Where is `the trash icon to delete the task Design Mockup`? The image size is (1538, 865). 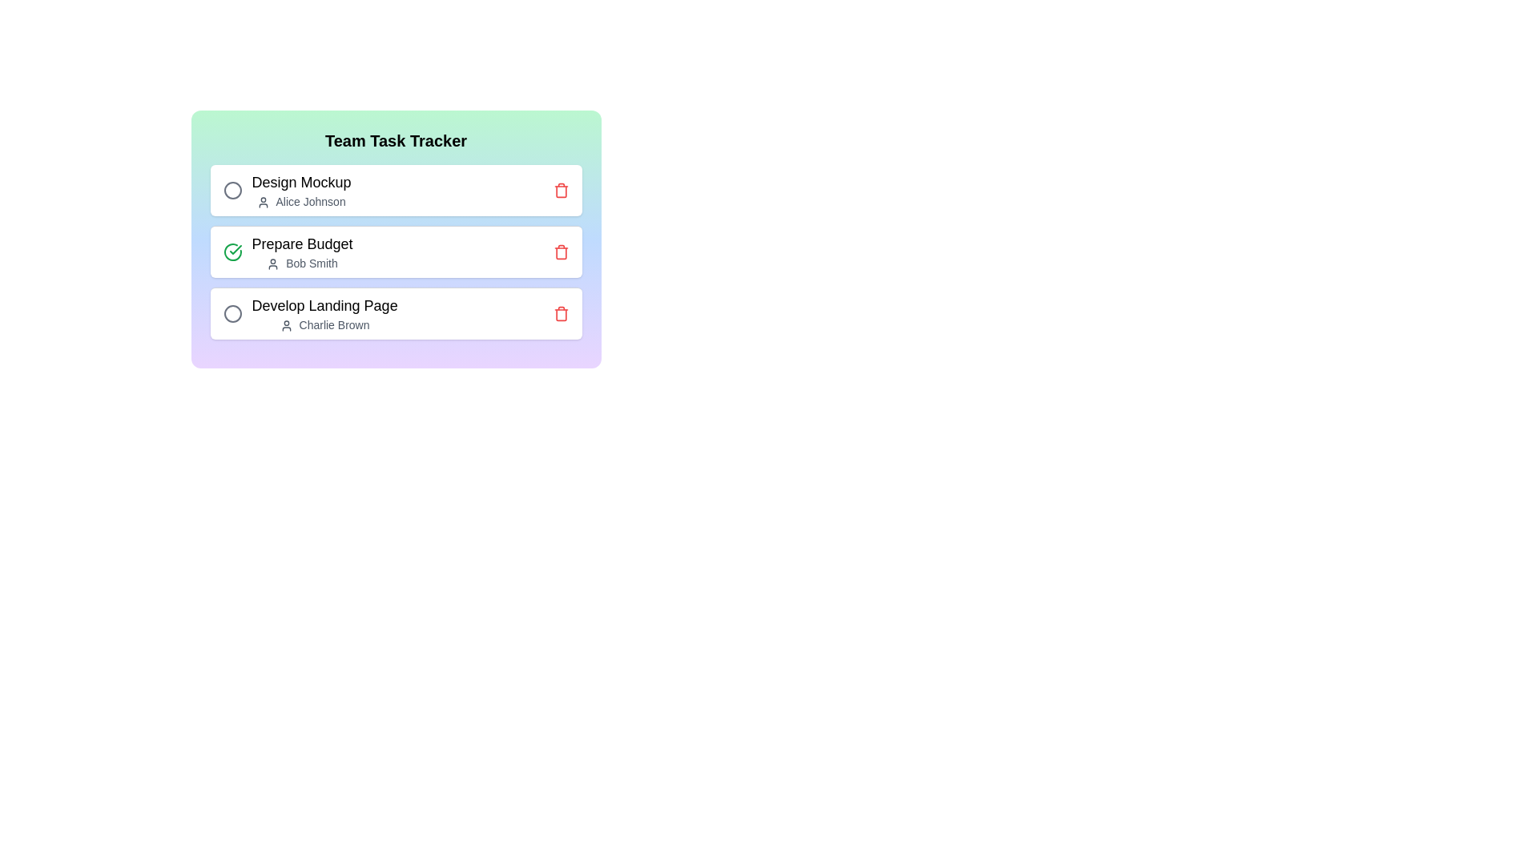
the trash icon to delete the task Design Mockup is located at coordinates (561, 190).